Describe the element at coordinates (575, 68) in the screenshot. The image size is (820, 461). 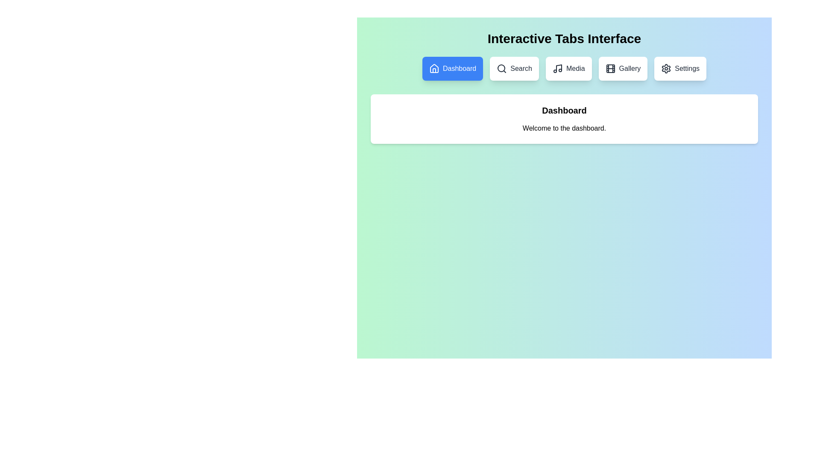
I see `the fourth button labeled for media access, positioned horizontally among other buttons including 'Dashboard', 'Search', and 'Media', ensuring it is the intended target for interaction` at that location.